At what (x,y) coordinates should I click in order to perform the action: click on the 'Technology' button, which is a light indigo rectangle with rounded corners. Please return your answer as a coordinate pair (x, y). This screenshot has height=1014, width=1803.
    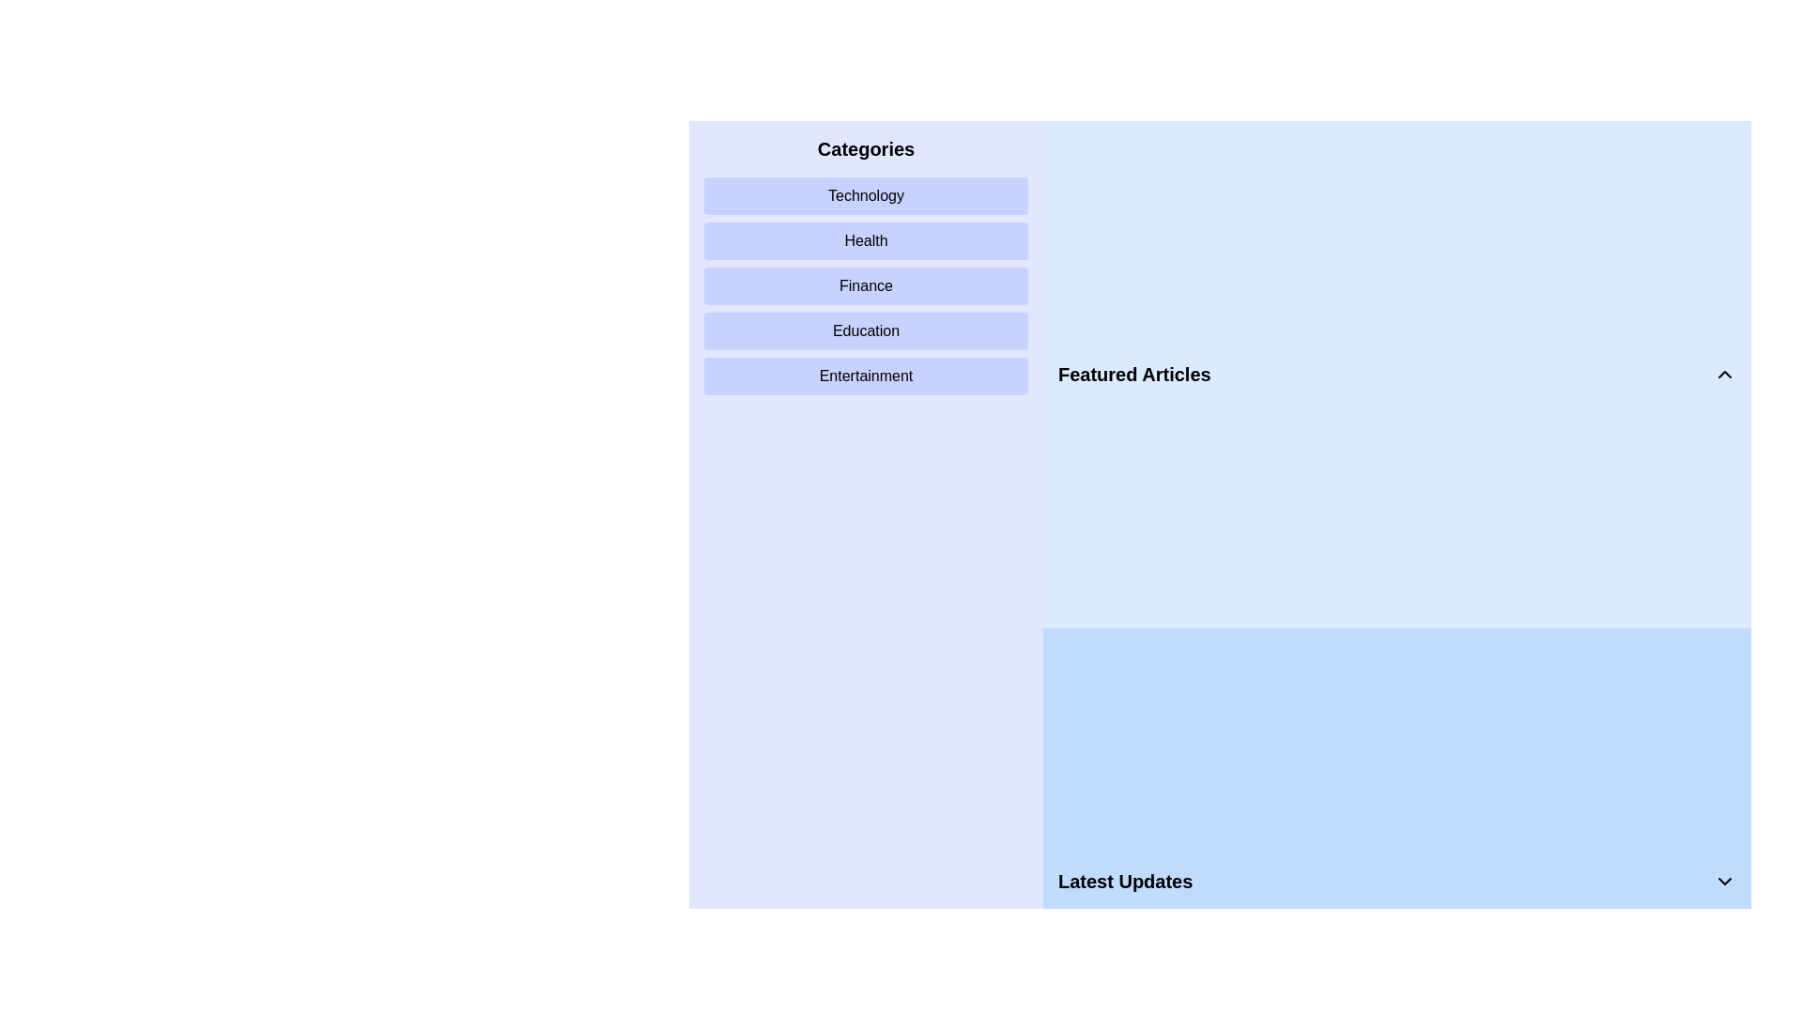
    Looking at the image, I should click on (865, 195).